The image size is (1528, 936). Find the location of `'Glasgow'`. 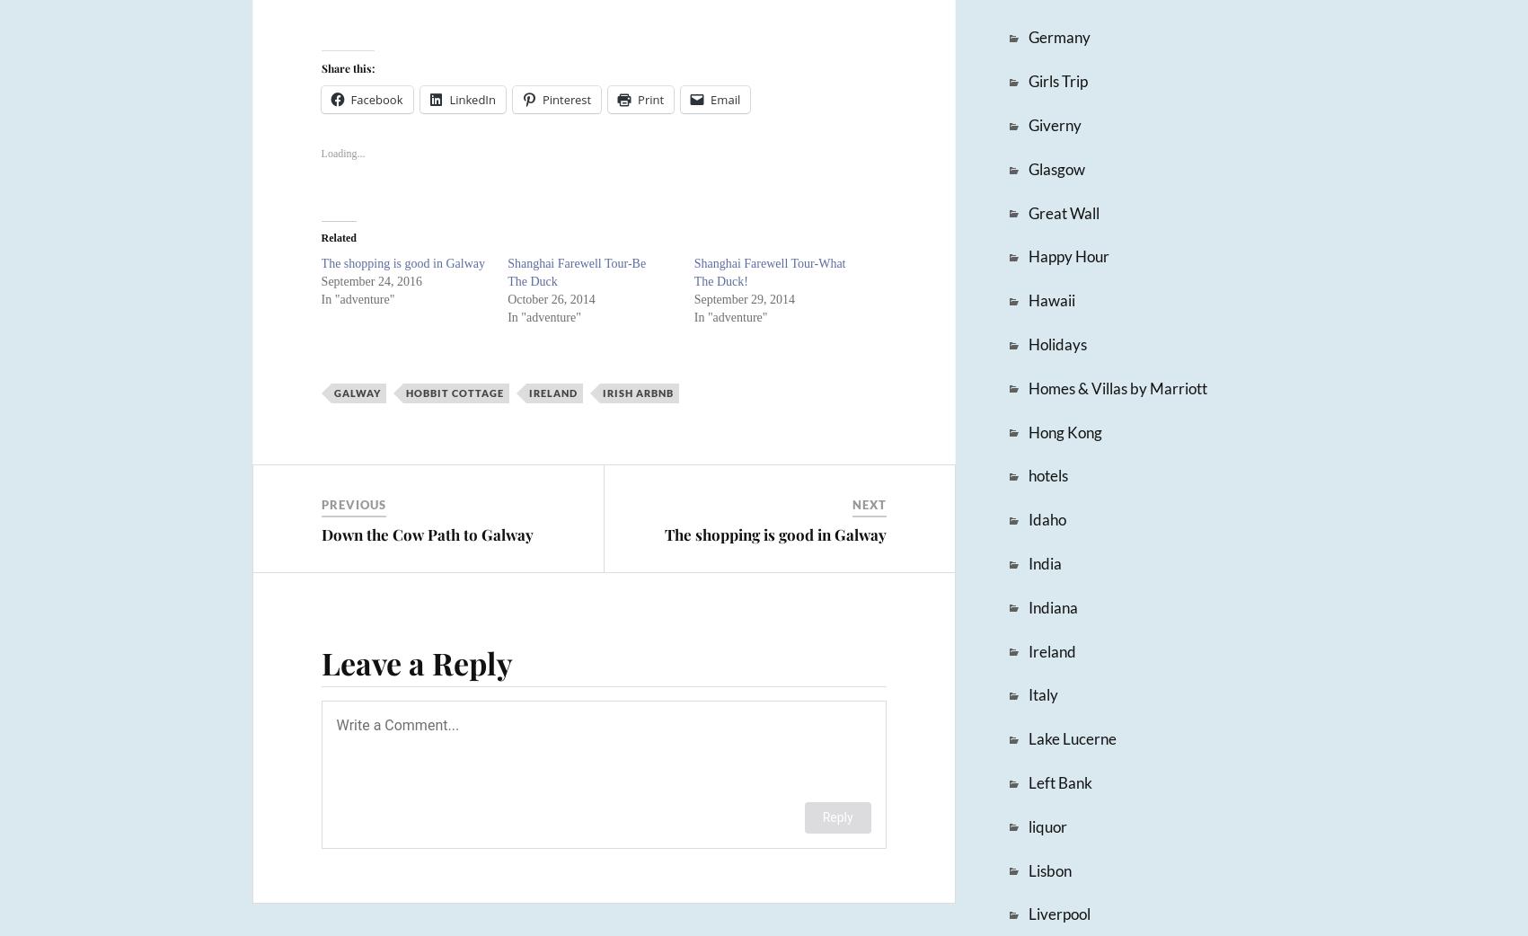

'Glasgow' is located at coordinates (1055, 167).